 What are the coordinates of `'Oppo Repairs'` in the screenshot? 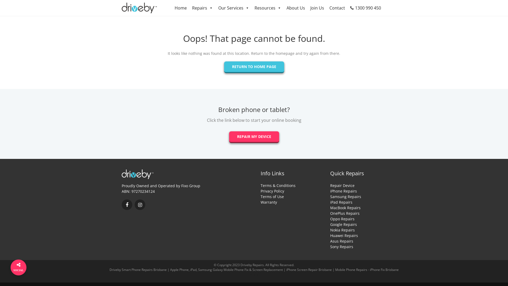 It's located at (342, 219).